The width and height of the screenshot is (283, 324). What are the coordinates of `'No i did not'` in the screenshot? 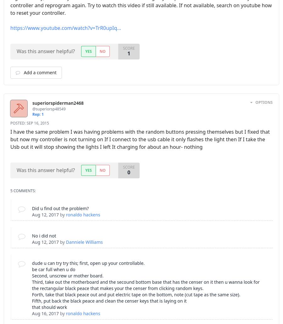 It's located at (31, 235).